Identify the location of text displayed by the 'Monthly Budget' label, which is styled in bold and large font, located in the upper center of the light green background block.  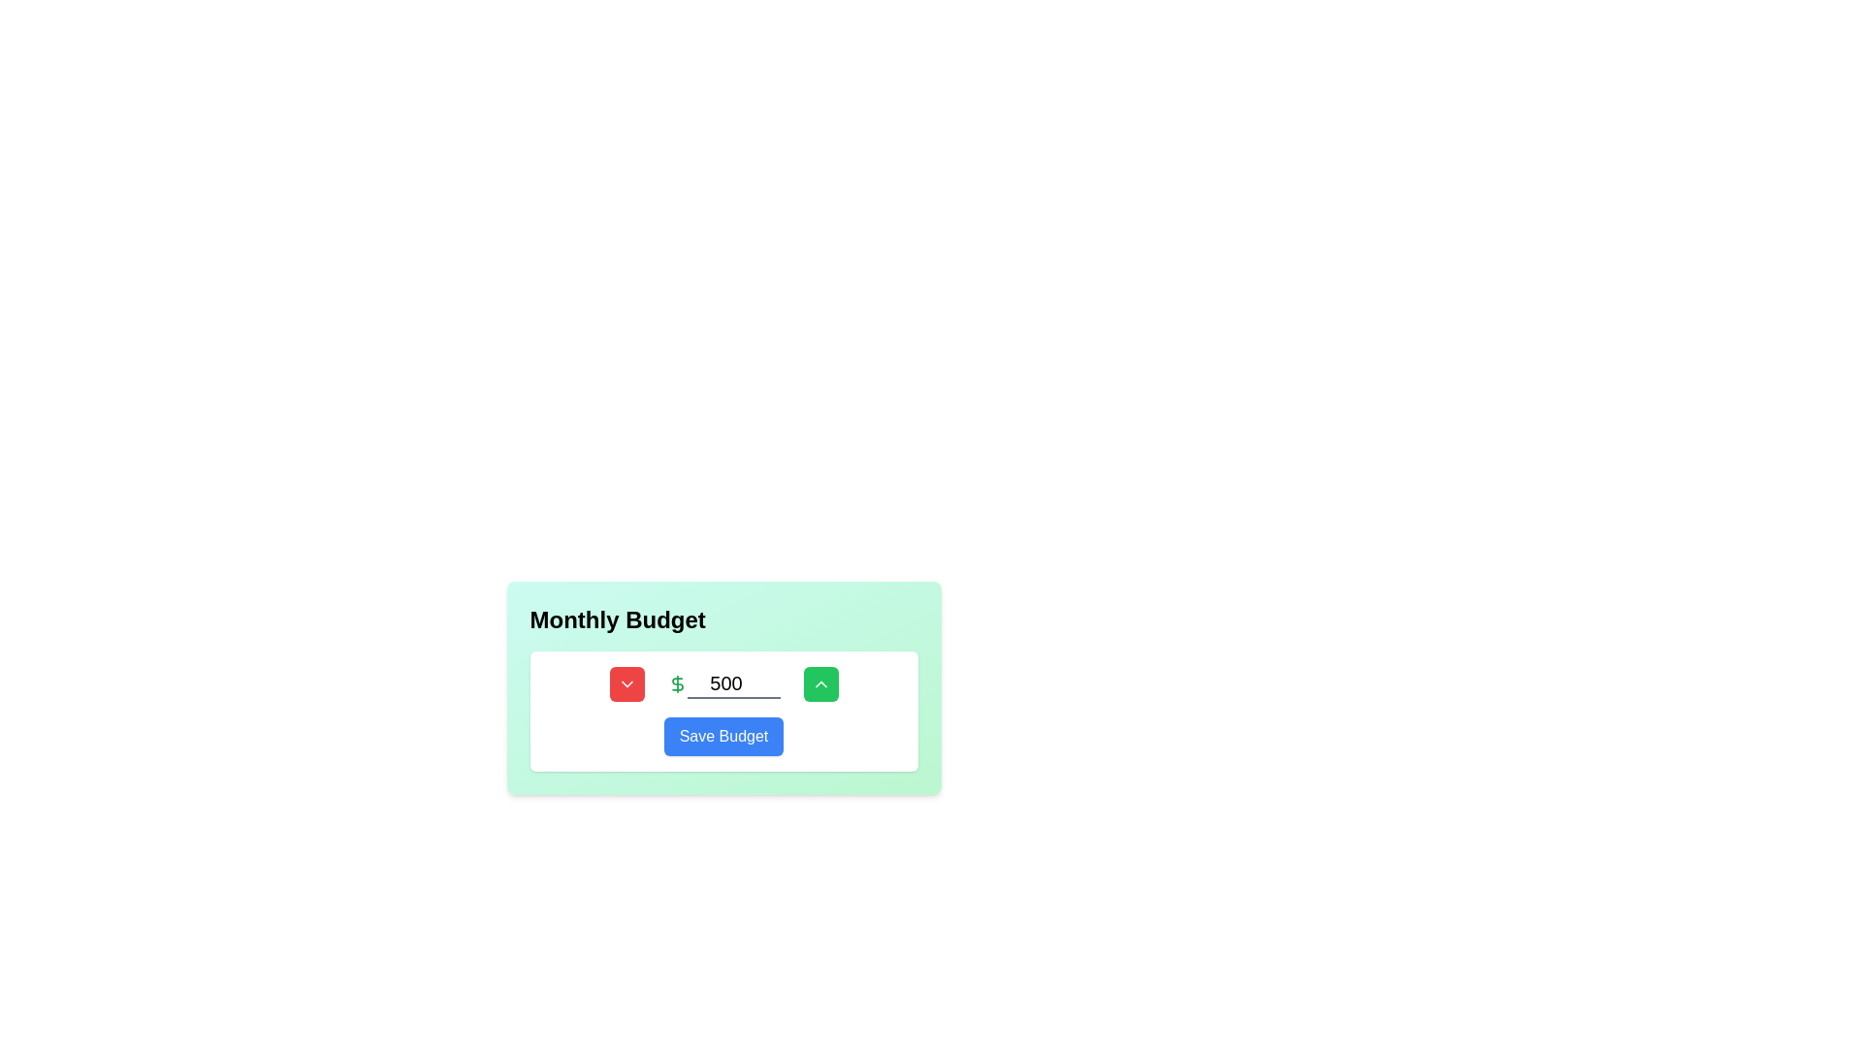
(617, 620).